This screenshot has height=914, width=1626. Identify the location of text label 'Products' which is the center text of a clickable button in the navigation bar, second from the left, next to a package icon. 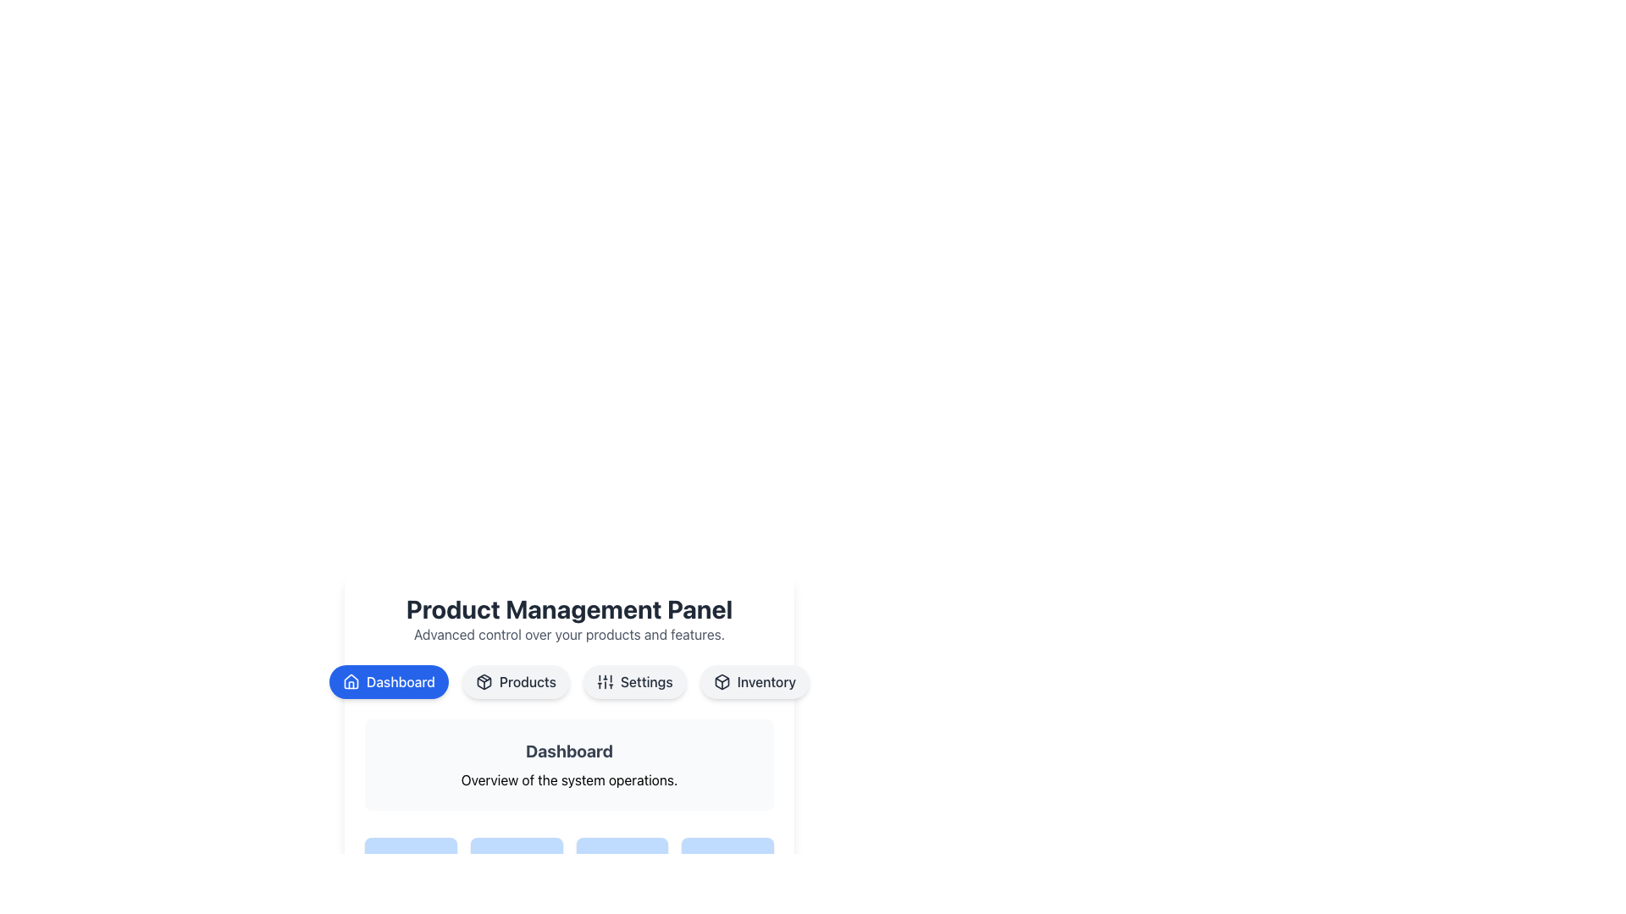
(527, 681).